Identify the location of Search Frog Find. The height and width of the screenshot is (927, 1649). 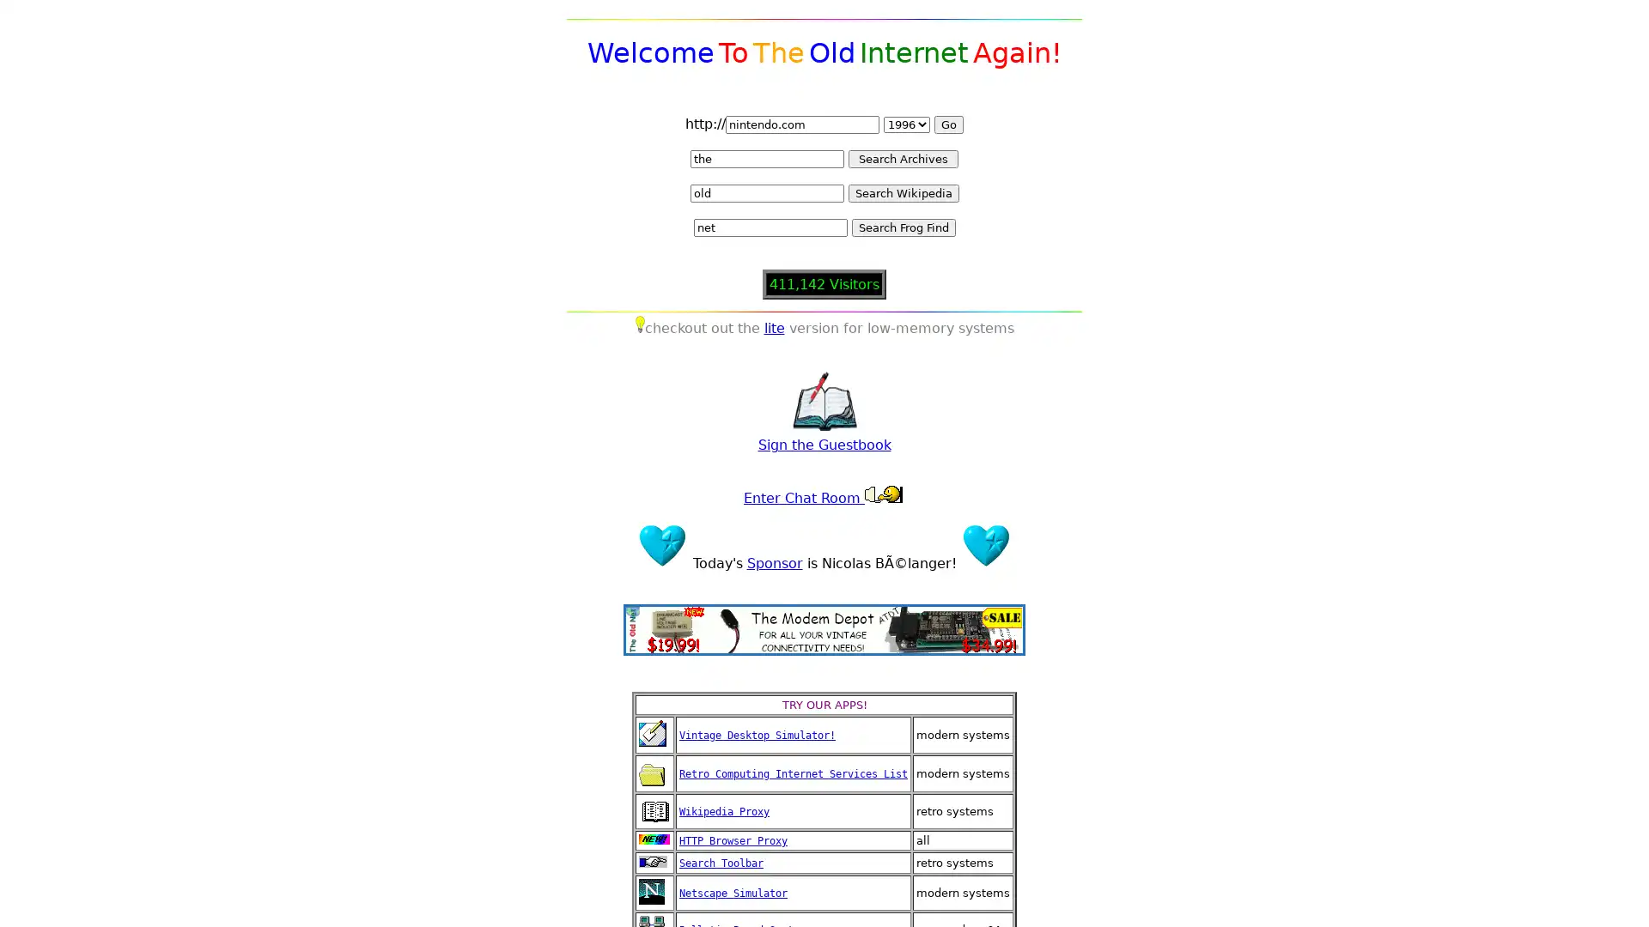
(902, 227).